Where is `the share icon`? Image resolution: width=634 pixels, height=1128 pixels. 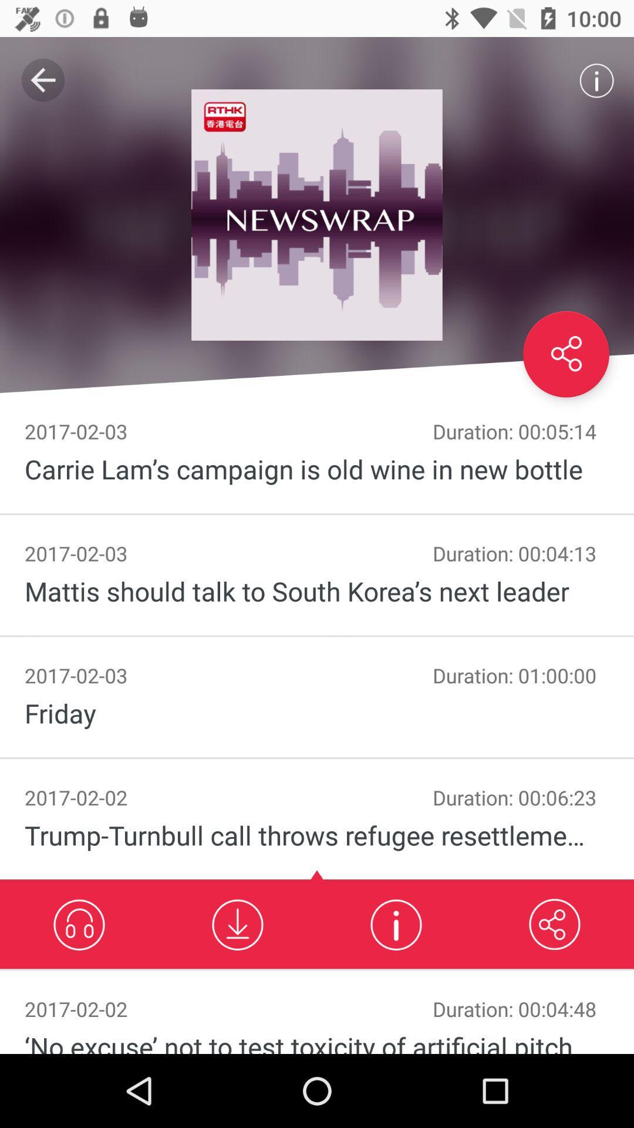 the share icon is located at coordinates (565, 354).